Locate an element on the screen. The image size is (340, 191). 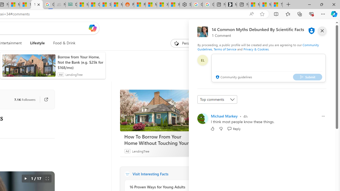
'Full screen' is located at coordinates (47, 179).